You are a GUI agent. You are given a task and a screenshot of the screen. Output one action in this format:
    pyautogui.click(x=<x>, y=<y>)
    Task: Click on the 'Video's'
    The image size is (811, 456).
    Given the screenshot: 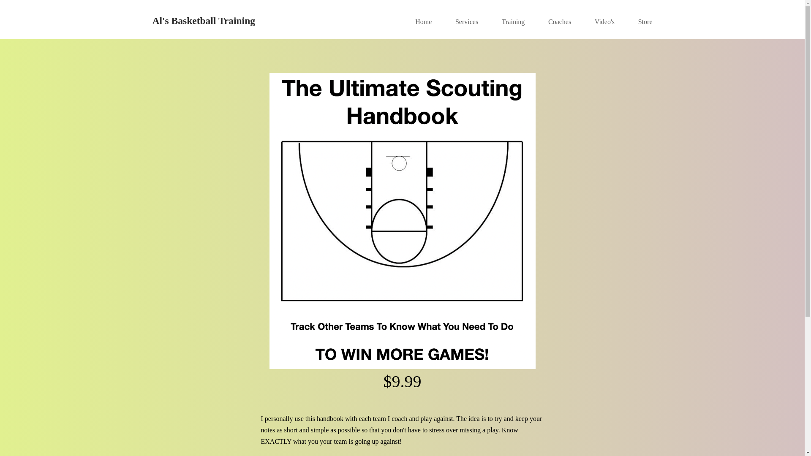 What is the action you would take?
    pyautogui.click(x=594, y=21)
    